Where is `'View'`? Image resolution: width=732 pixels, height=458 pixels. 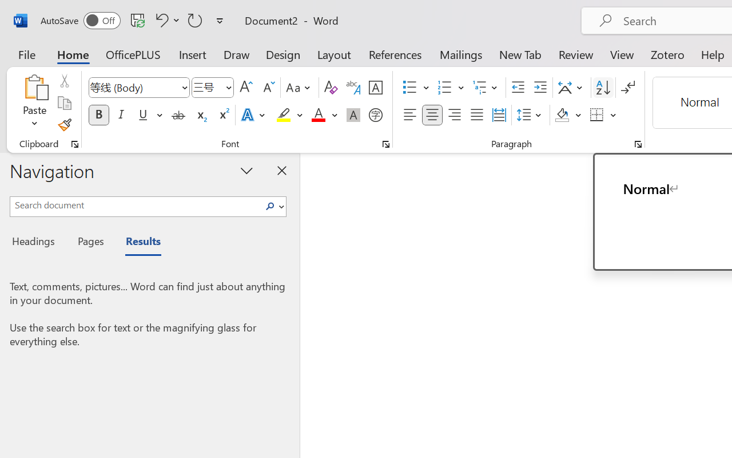 'View' is located at coordinates (622, 54).